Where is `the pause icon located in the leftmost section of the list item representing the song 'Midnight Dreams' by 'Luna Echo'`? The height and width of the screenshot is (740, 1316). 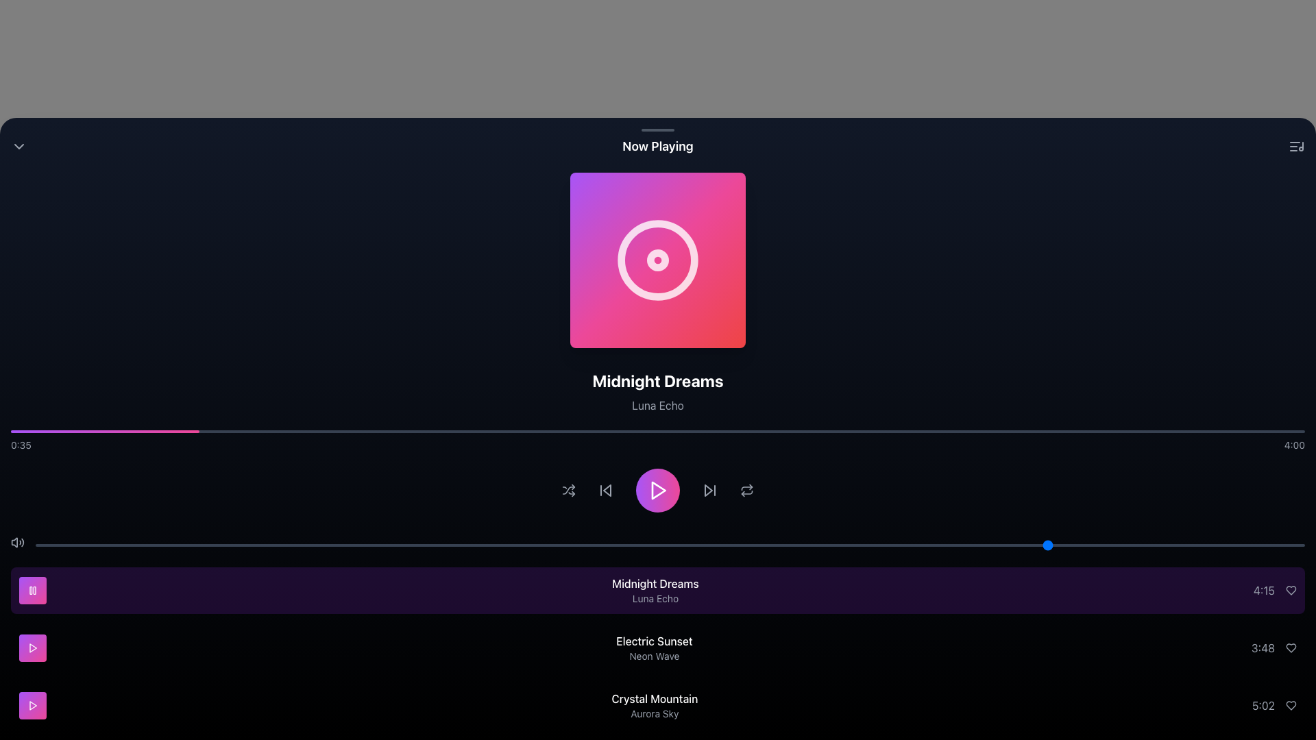 the pause icon located in the leftmost section of the list item representing the song 'Midnight Dreams' by 'Luna Echo' is located at coordinates (33, 589).